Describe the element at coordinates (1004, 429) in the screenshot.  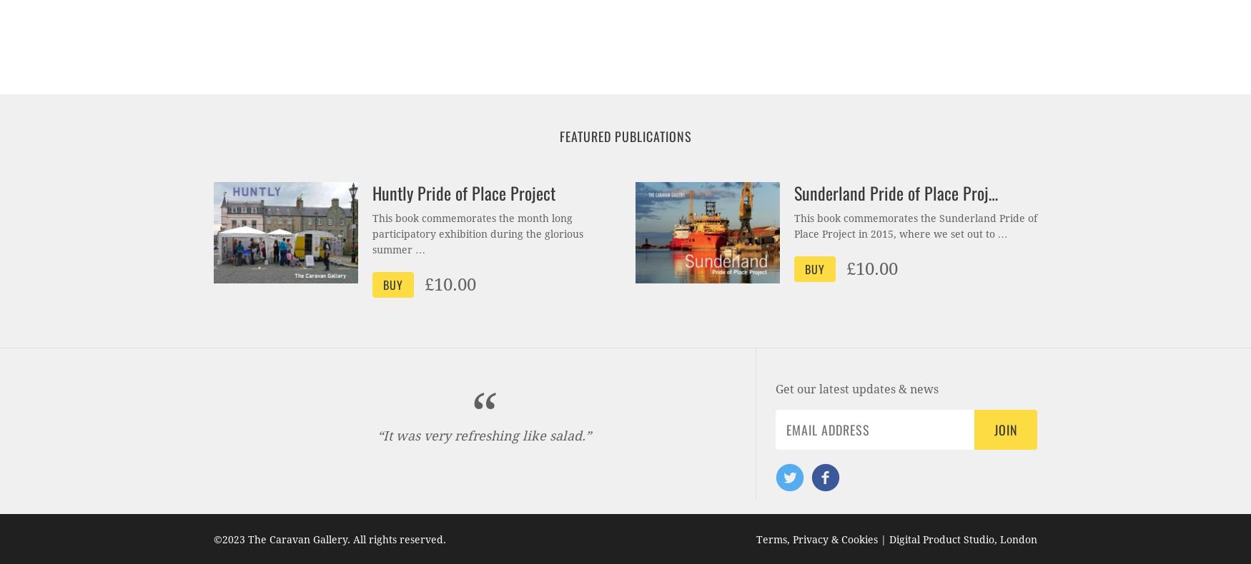
I see `'Join'` at that location.